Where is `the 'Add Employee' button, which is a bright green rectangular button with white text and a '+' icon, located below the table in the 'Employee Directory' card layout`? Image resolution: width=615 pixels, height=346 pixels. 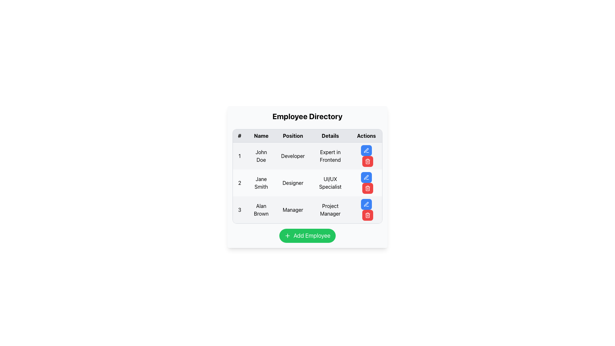
the 'Add Employee' button, which is a bright green rectangular button with white text and a '+' icon, located below the table in the 'Employee Directory' card layout is located at coordinates (307, 236).